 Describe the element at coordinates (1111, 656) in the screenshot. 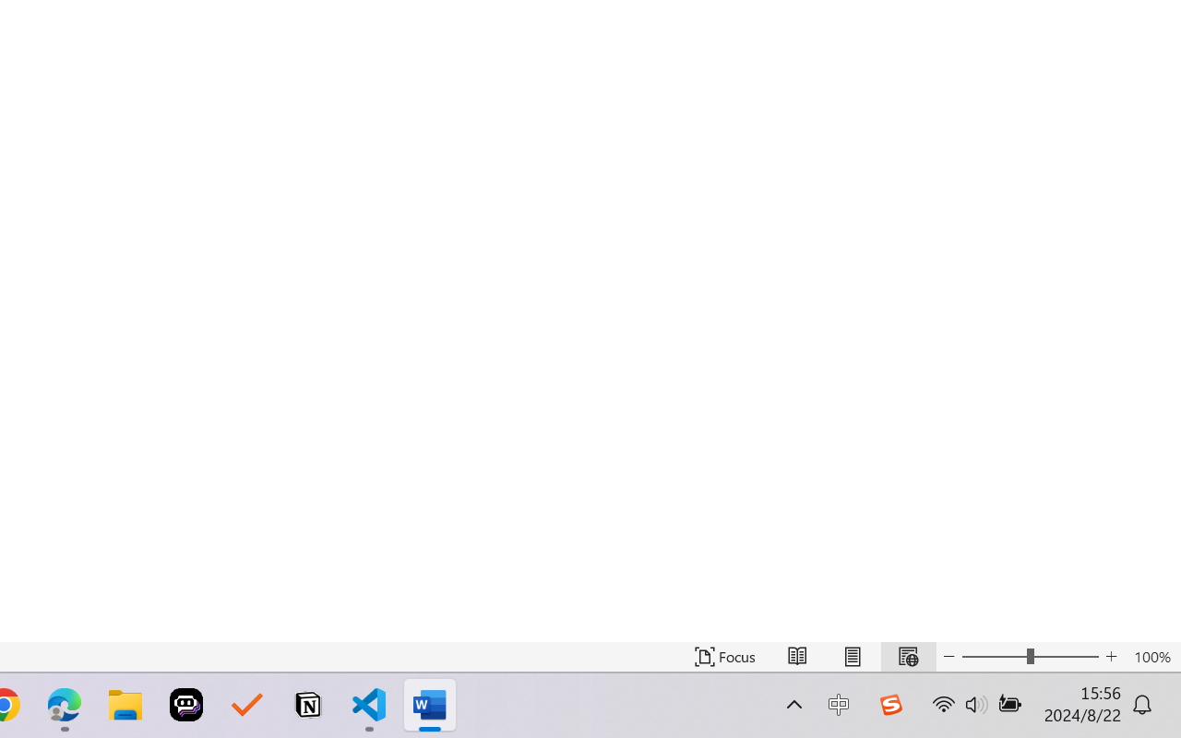

I see `'Zoom In'` at that location.